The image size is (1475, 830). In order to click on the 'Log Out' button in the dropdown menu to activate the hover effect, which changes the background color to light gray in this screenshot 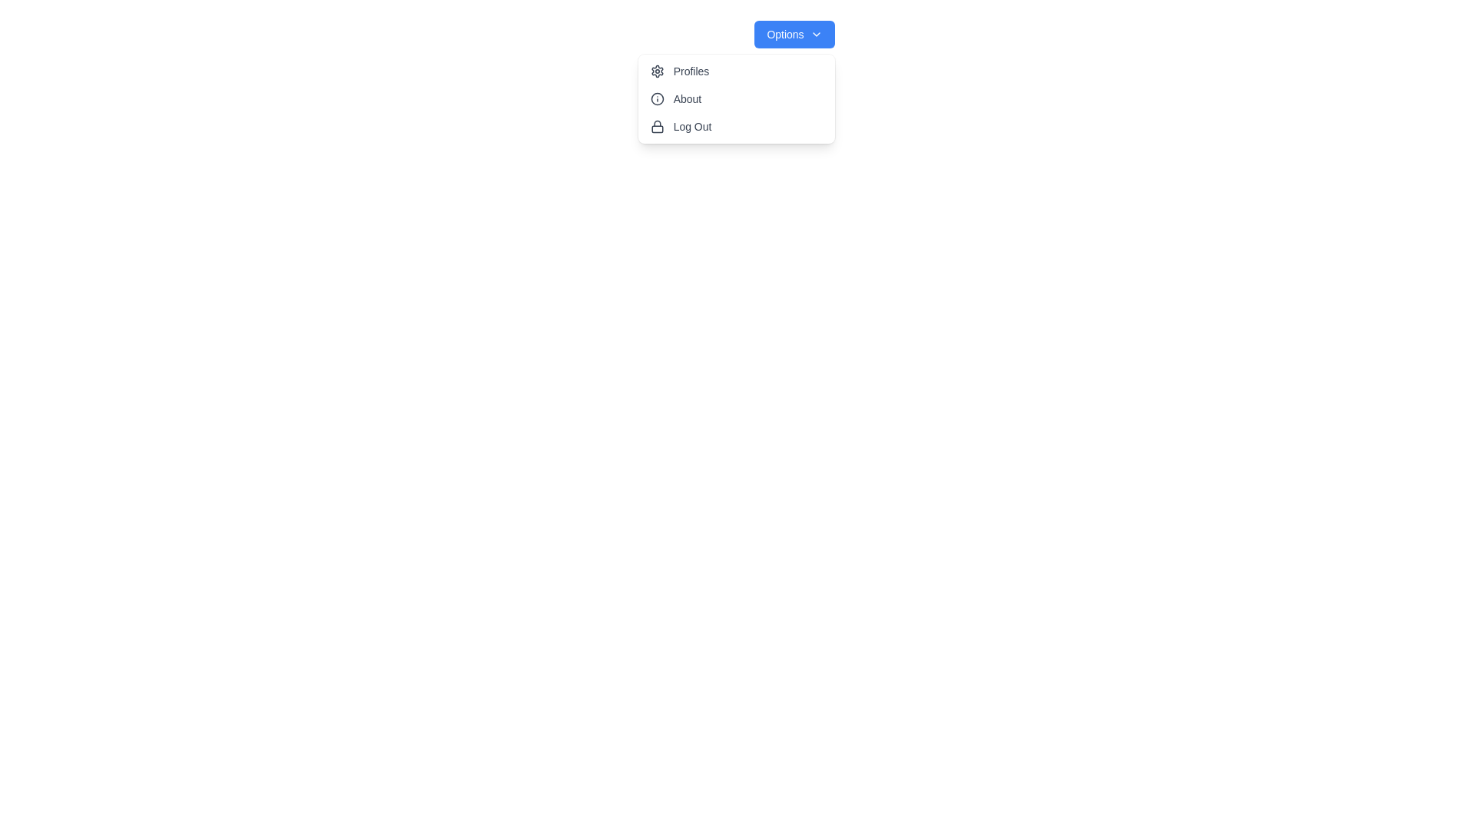, I will do `click(735, 126)`.